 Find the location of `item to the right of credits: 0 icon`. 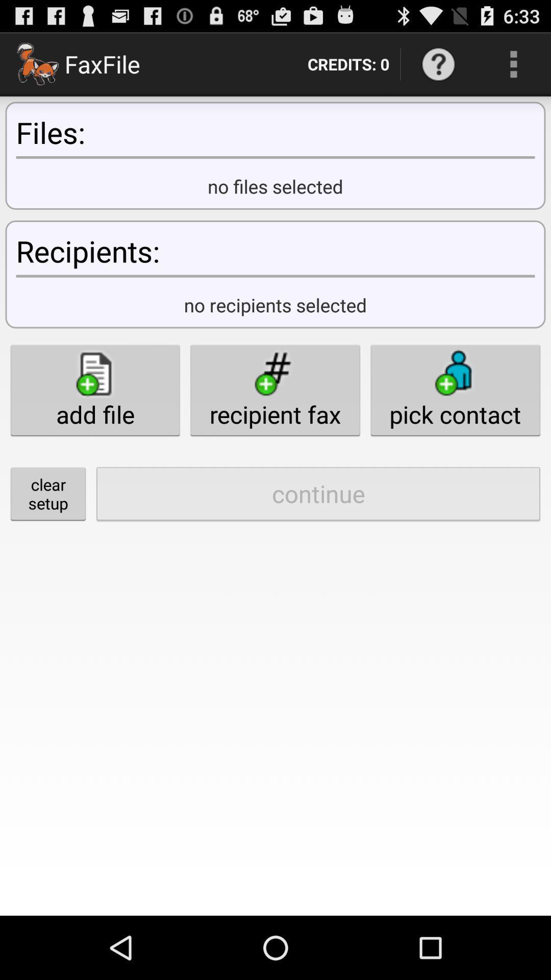

item to the right of credits: 0 icon is located at coordinates (438, 63).